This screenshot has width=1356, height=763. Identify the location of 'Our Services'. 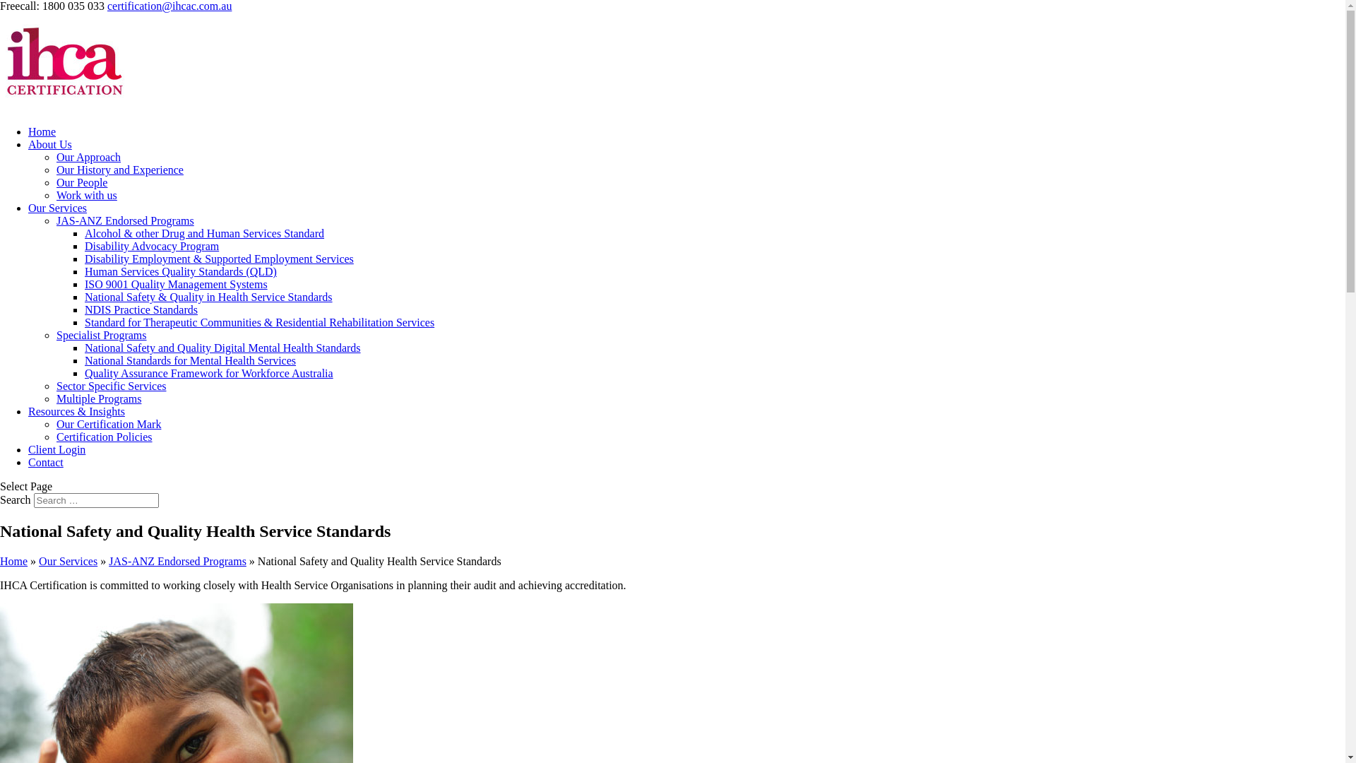
(67, 560).